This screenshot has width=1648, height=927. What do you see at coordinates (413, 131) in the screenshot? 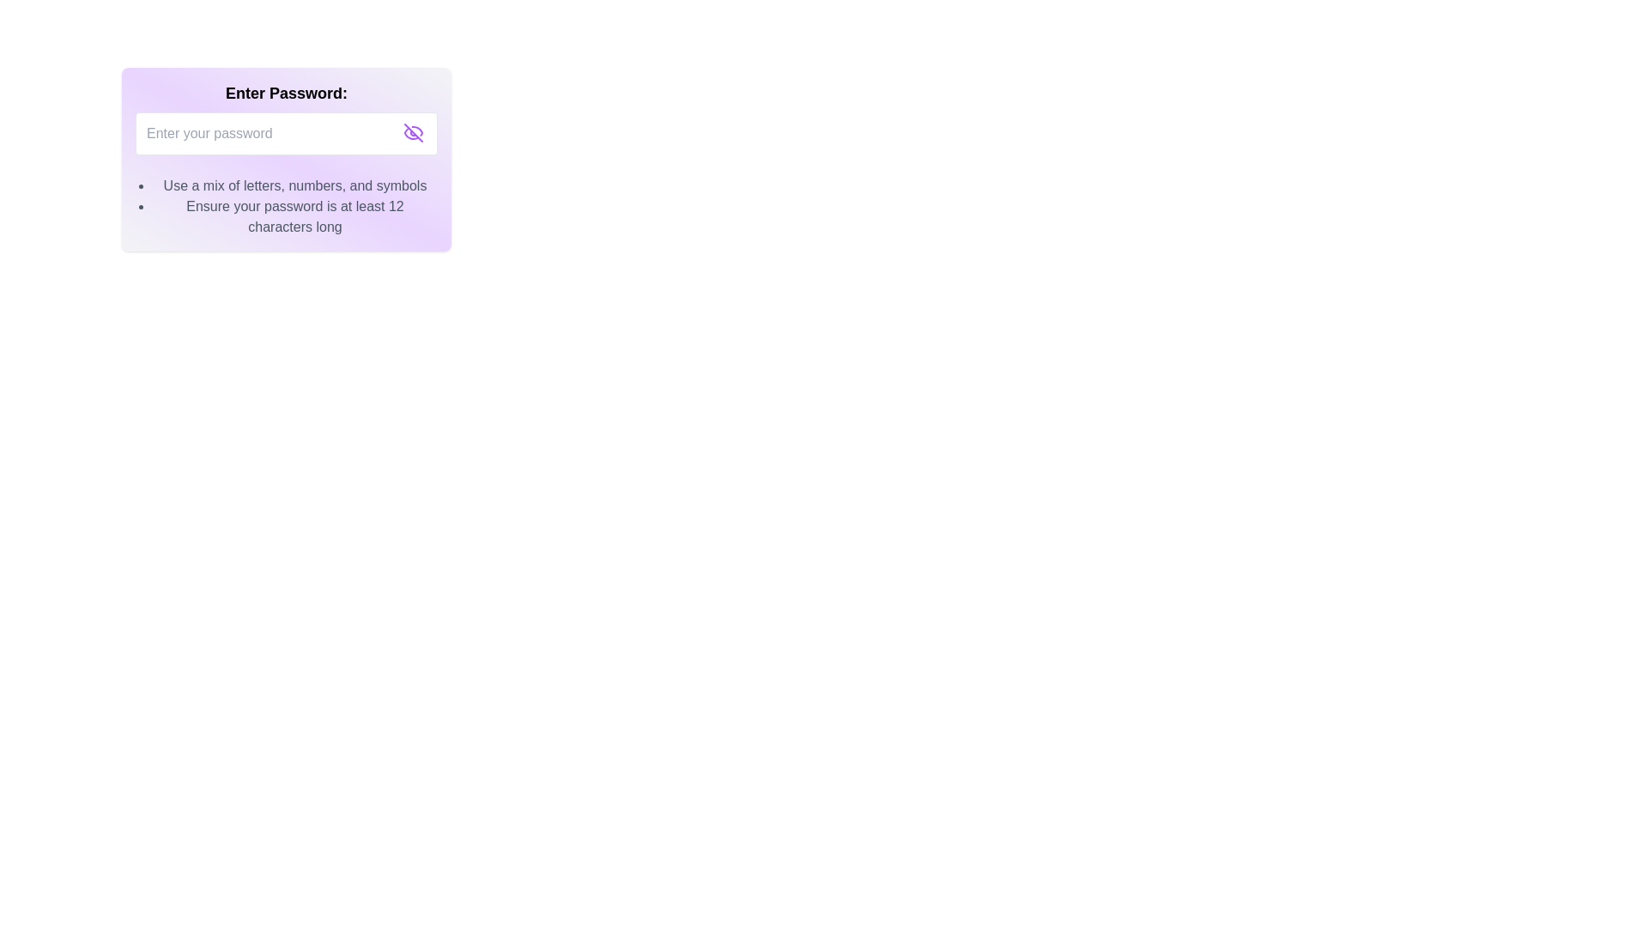
I see `the icon in the top-right corner of the password input field` at bounding box center [413, 131].